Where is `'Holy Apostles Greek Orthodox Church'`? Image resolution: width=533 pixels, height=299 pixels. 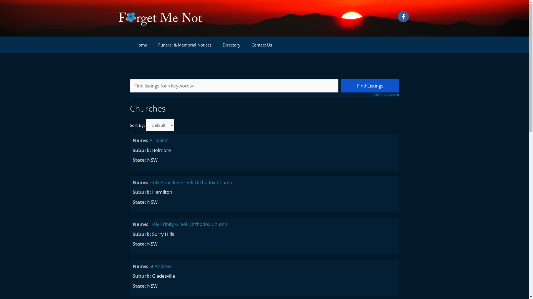
'Holy Apostles Greek Orthodox Church' is located at coordinates (190, 182).